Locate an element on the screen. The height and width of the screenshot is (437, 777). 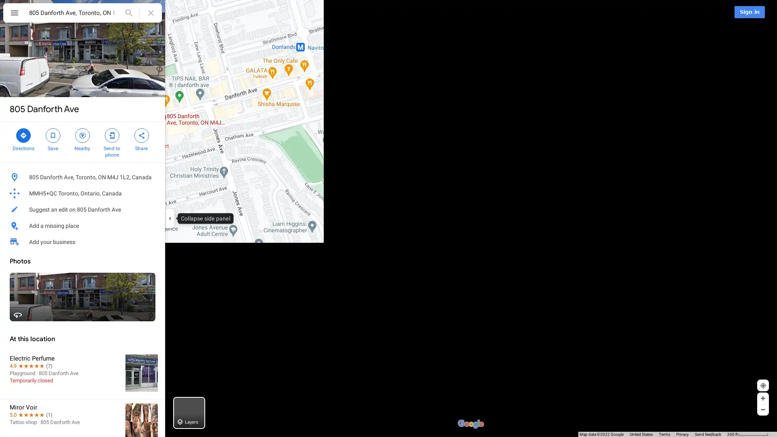
Google apps is located at coordinates (722, 12).